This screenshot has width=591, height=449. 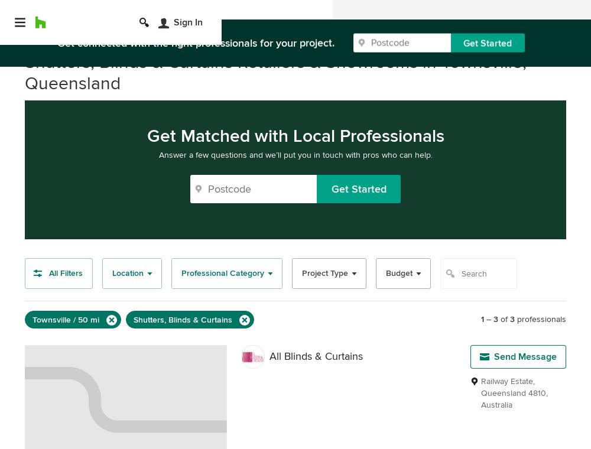 What do you see at coordinates (275, 73) in the screenshot?
I see `'Shutters, Blinds & Curtains Retailers & Showrooms in Townsville, Queensland'` at bounding box center [275, 73].